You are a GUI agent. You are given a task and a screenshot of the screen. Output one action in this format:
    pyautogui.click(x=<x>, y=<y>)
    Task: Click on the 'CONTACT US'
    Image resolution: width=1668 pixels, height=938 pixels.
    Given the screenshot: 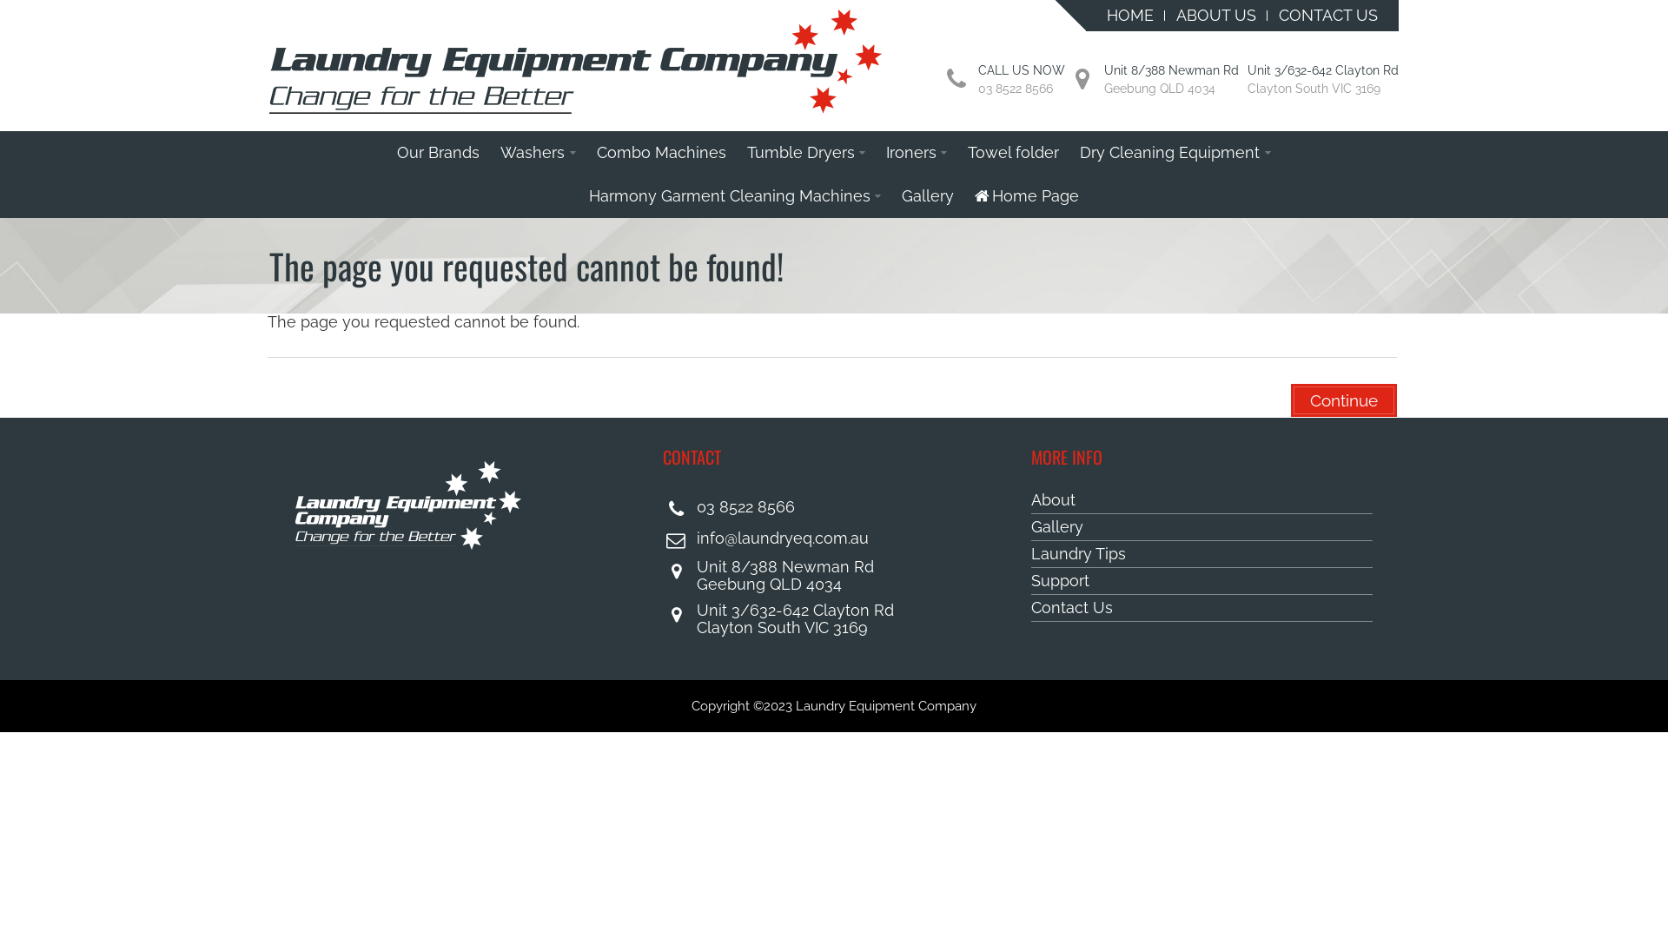 What is the action you would take?
    pyautogui.click(x=1327, y=16)
    